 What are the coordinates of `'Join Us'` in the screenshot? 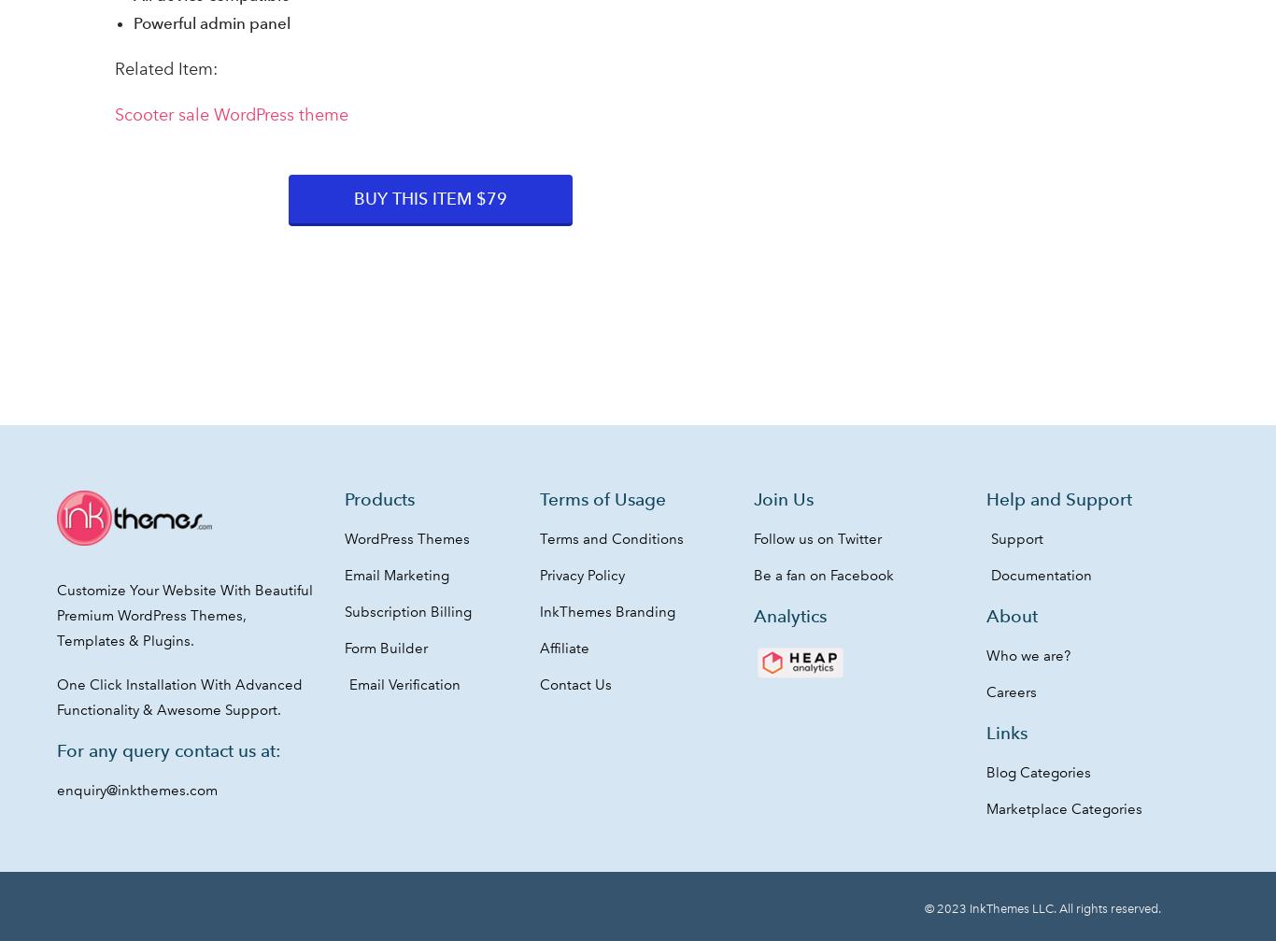 It's located at (782, 498).